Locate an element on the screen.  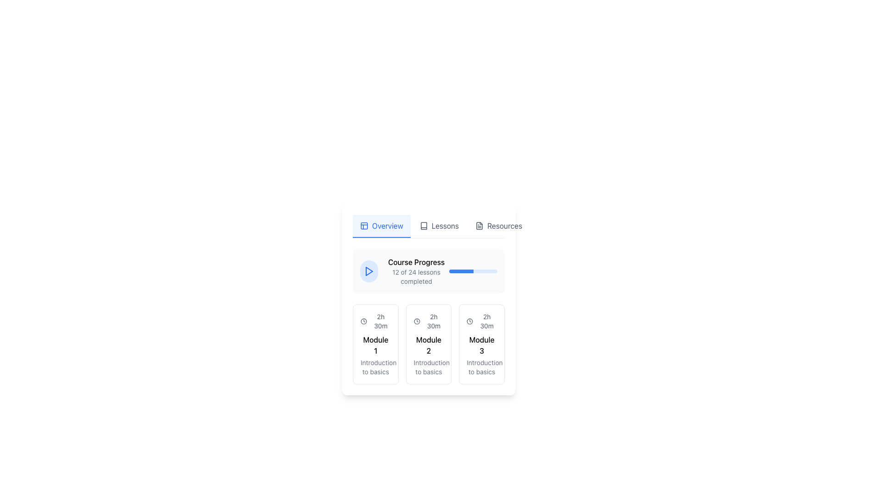
the 'Resources' menu item located on the right side of the navigation menu, adjacent to 'Lessons' and 'Discussions' is located at coordinates (498, 226).